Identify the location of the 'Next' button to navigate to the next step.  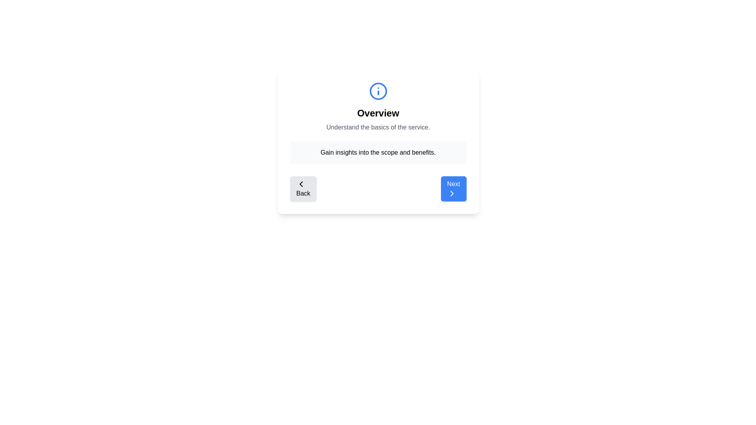
(454, 188).